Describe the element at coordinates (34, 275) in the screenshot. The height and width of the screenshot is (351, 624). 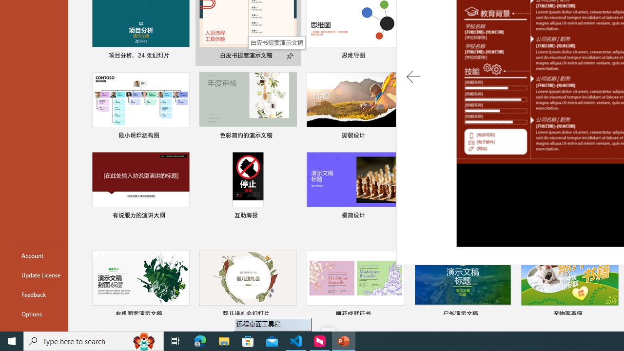
I see `'Update License'` at that location.